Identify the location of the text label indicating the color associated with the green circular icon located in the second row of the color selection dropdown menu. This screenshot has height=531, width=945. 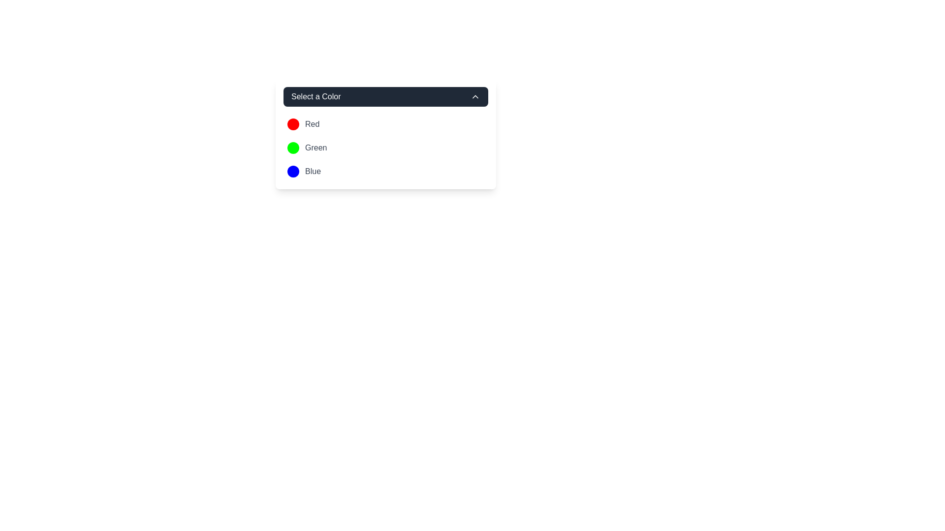
(316, 147).